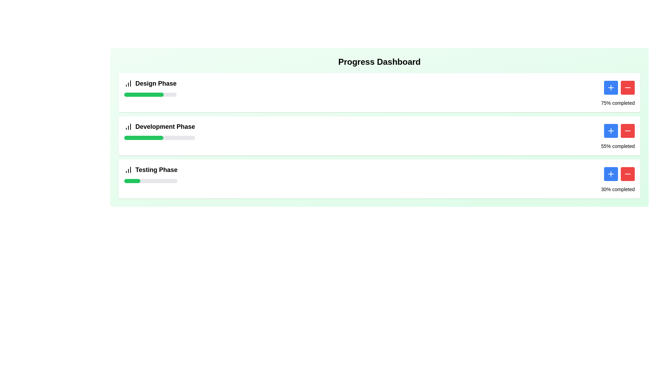 Image resolution: width=670 pixels, height=376 pixels. Describe the element at coordinates (128, 83) in the screenshot. I see `the small graphic icon resembling an increasing column chart with three bars of varying heights, located to the left of the text 'Design Phase'` at that location.